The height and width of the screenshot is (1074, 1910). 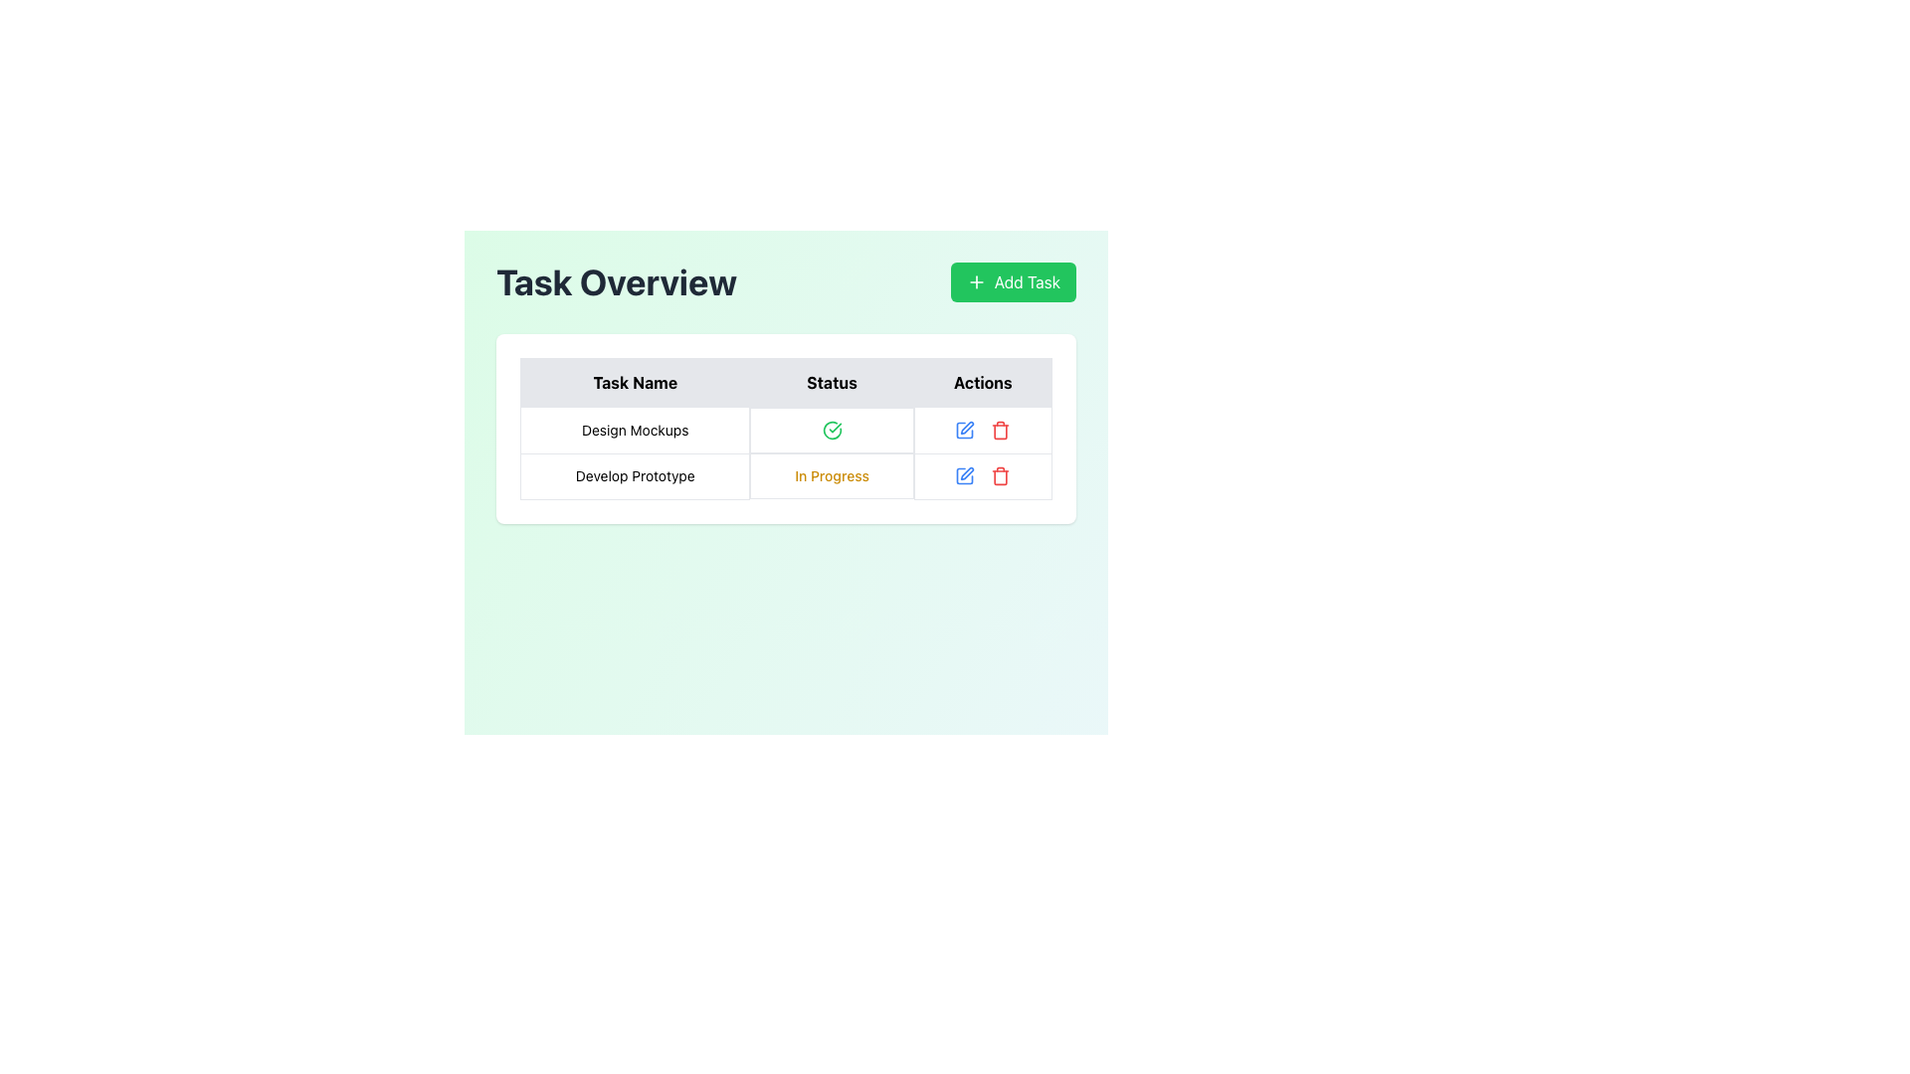 What do you see at coordinates (832, 383) in the screenshot?
I see `label text from the bold, centered 'Status' header cell in the table, which is the second cell of the header row` at bounding box center [832, 383].